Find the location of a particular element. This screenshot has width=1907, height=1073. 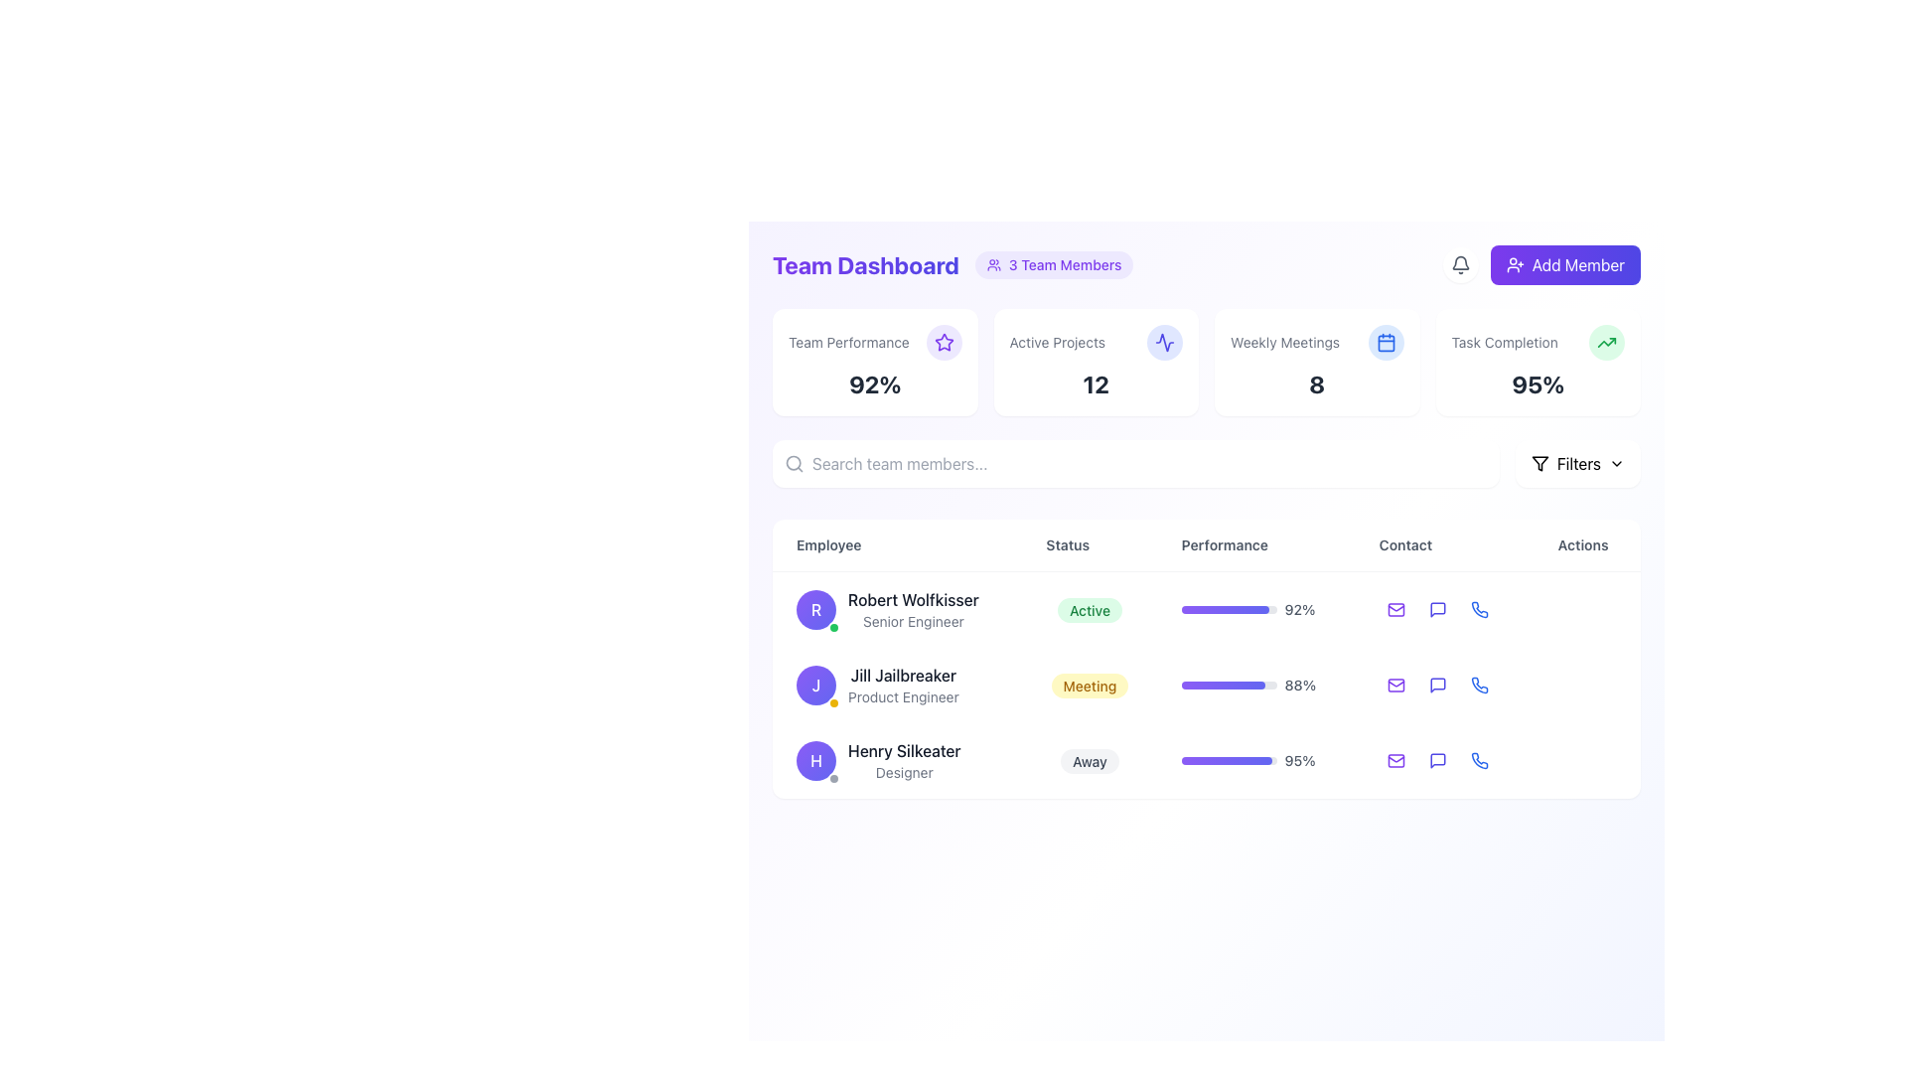

the calendar icon located in the top-right of the 'Weekly Meetings' section, which features a blue border and rounded corners, situated next to the number 8 is located at coordinates (1385, 341).